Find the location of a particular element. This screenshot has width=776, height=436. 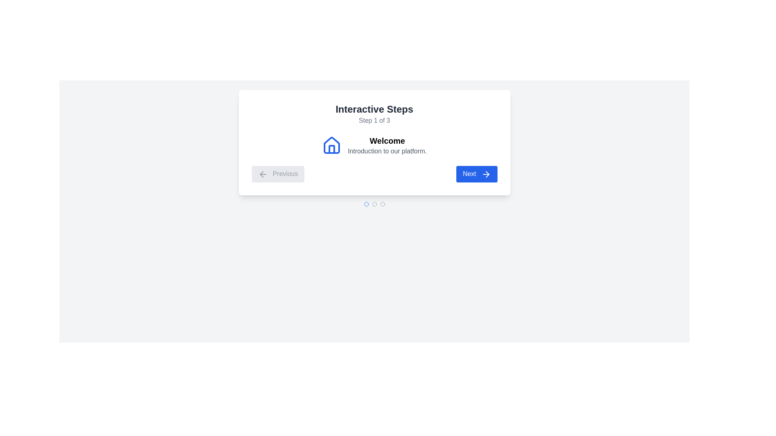

the title and subtitle text block that provides a welcome message and brief description, located to the right of a blue house icon and centered horizontally in the interface is located at coordinates (387, 146).